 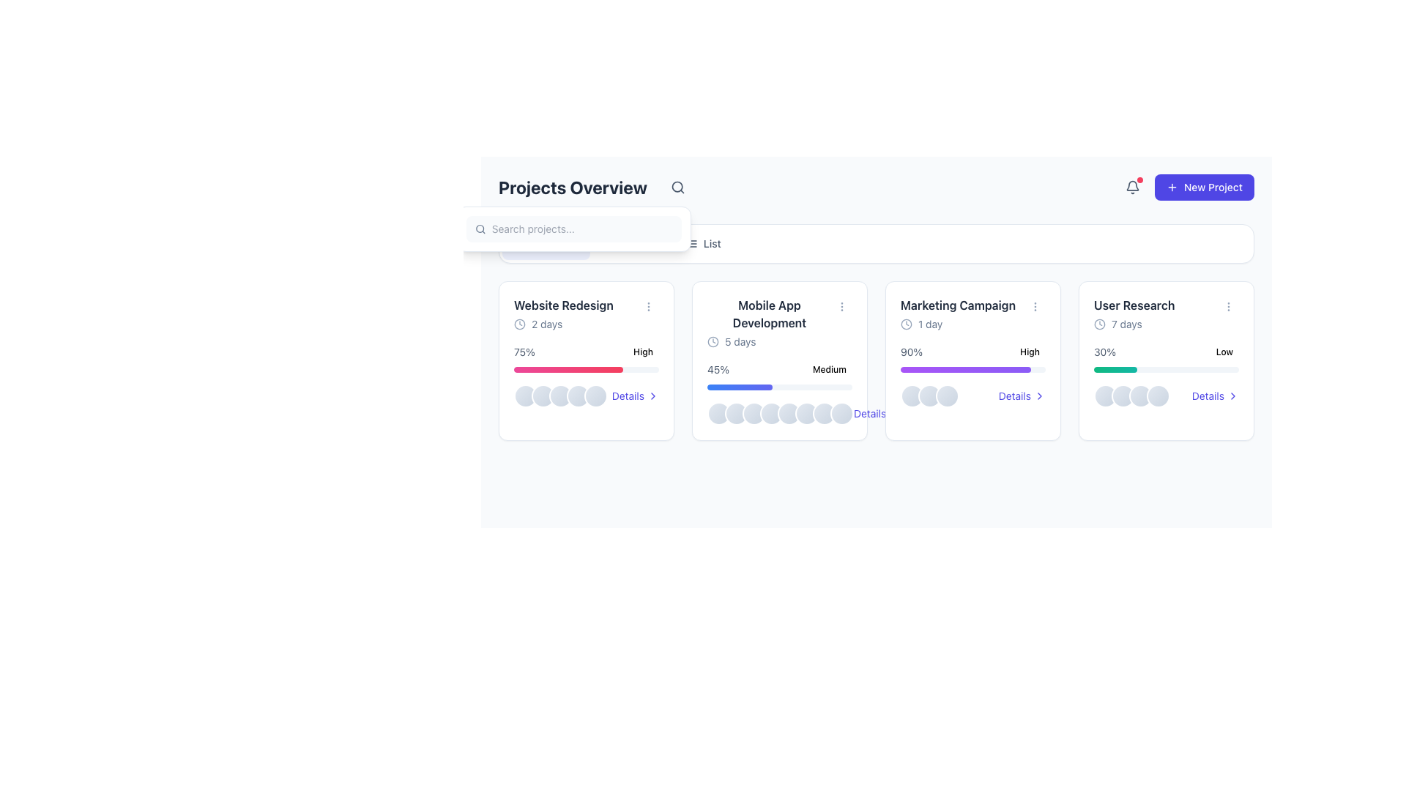 I want to click on the interactive button located in the top-right corner of the 'Marketing Campaign' card, so click(x=1035, y=306).